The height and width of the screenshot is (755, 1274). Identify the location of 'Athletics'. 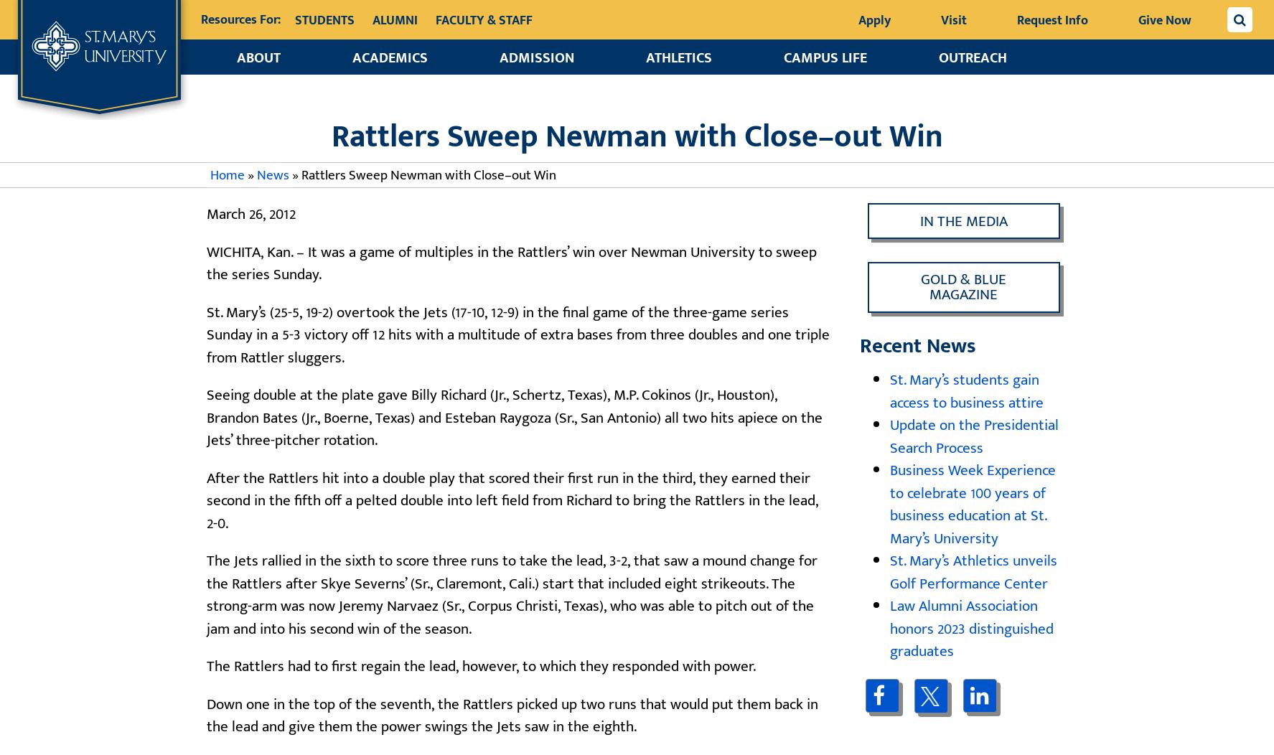
(645, 57).